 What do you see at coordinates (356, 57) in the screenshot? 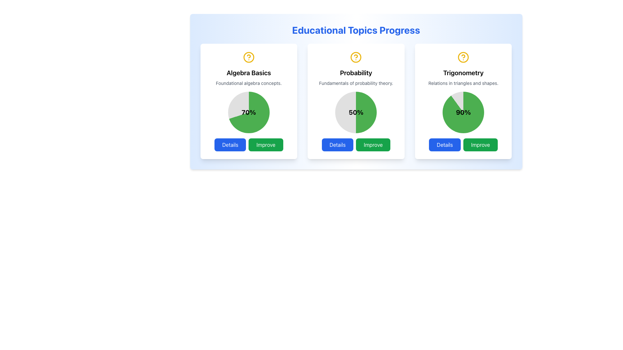
I see `the help icon located at the top-middle of the 'Probability' card` at bounding box center [356, 57].